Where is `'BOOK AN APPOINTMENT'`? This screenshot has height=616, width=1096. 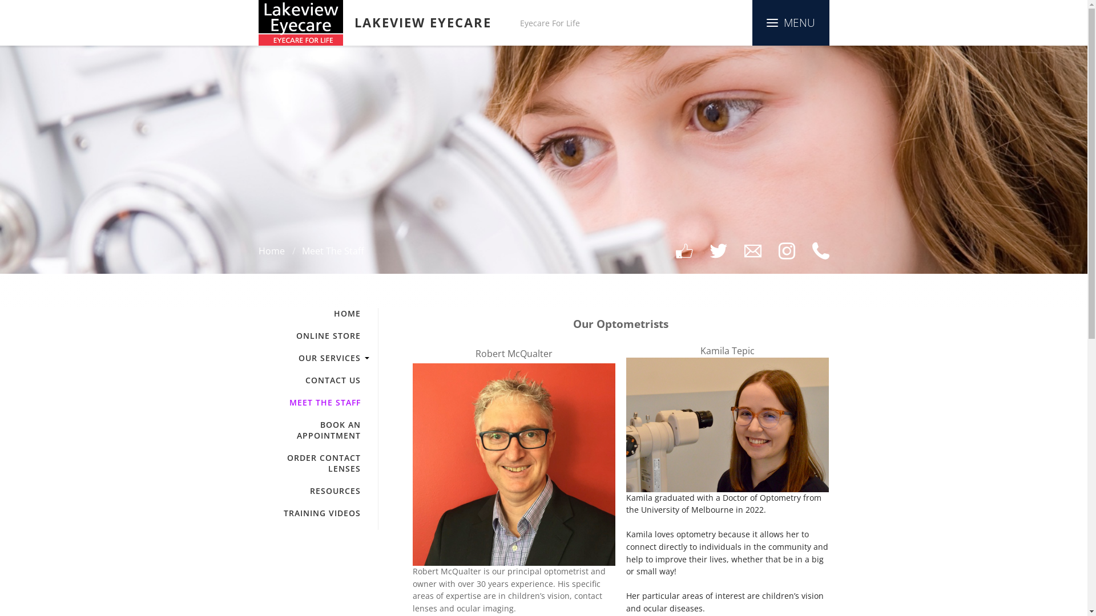
'BOOK AN APPOINTMENT' is located at coordinates (309, 429).